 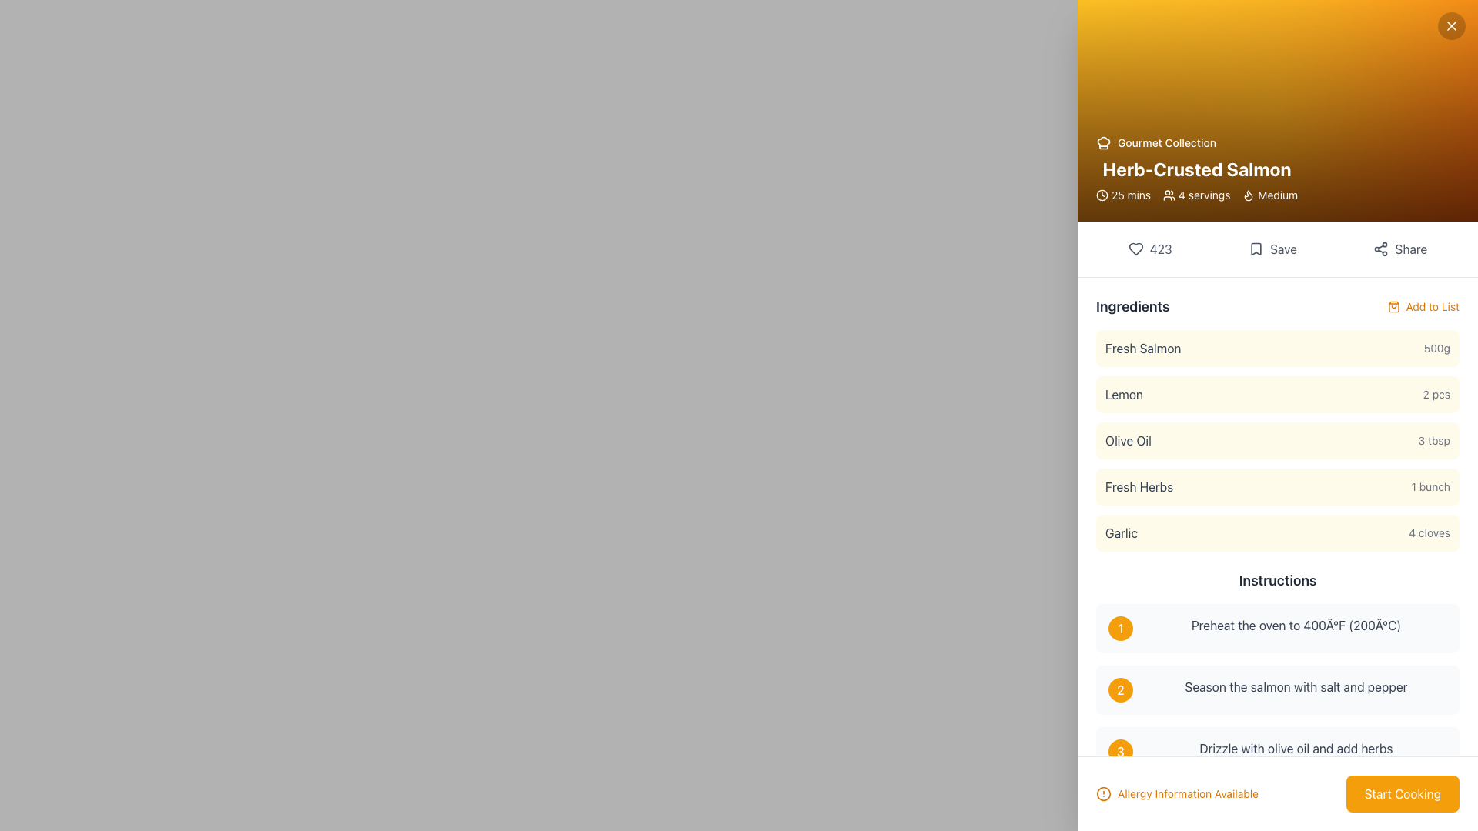 I want to click on the 'Ingredients' text element, which is styled in bold and dark gray, located in the top left region under the recipe information, so click(x=1132, y=306).